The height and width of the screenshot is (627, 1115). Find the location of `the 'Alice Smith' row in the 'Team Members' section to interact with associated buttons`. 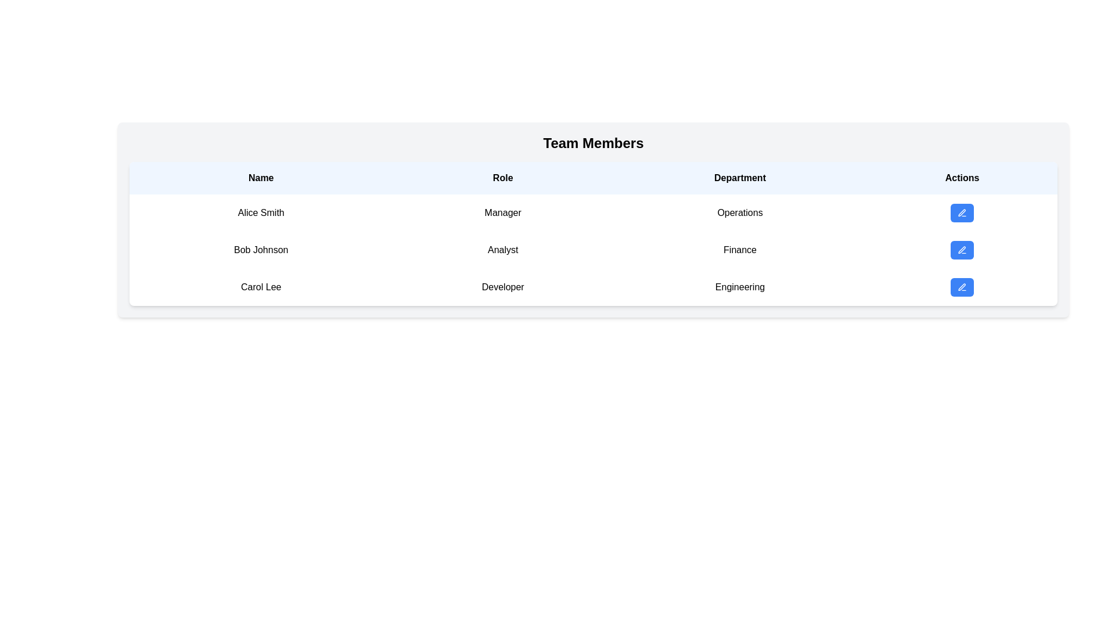

the 'Alice Smith' row in the 'Team Members' section to interact with associated buttons is located at coordinates (594, 212).